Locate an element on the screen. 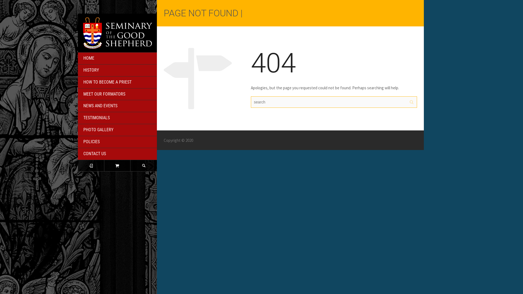 The width and height of the screenshot is (523, 294). 'HISTORY' is located at coordinates (78, 70).